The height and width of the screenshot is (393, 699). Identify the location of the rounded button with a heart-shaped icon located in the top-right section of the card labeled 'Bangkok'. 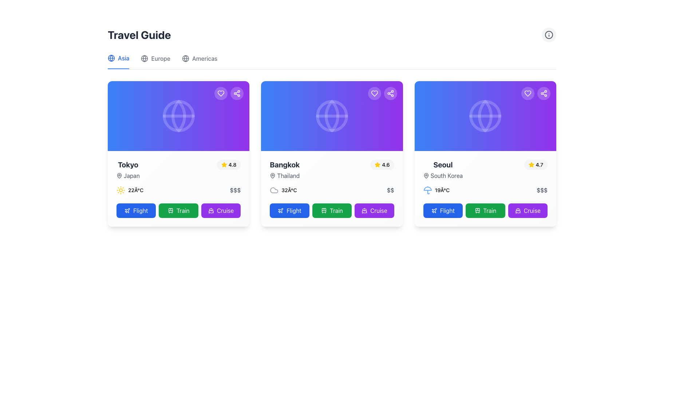
(374, 93).